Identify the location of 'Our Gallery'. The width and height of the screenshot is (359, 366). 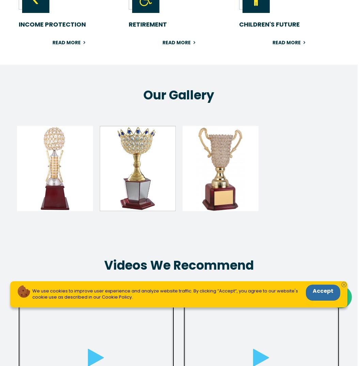
(178, 95).